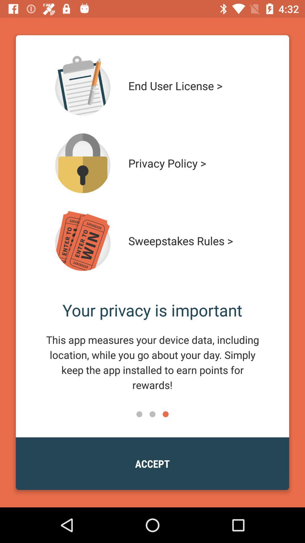 This screenshot has width=305, height=543. Describe the element at coordinates (83, 241) in the screenshot. I see `open another page` at that location.